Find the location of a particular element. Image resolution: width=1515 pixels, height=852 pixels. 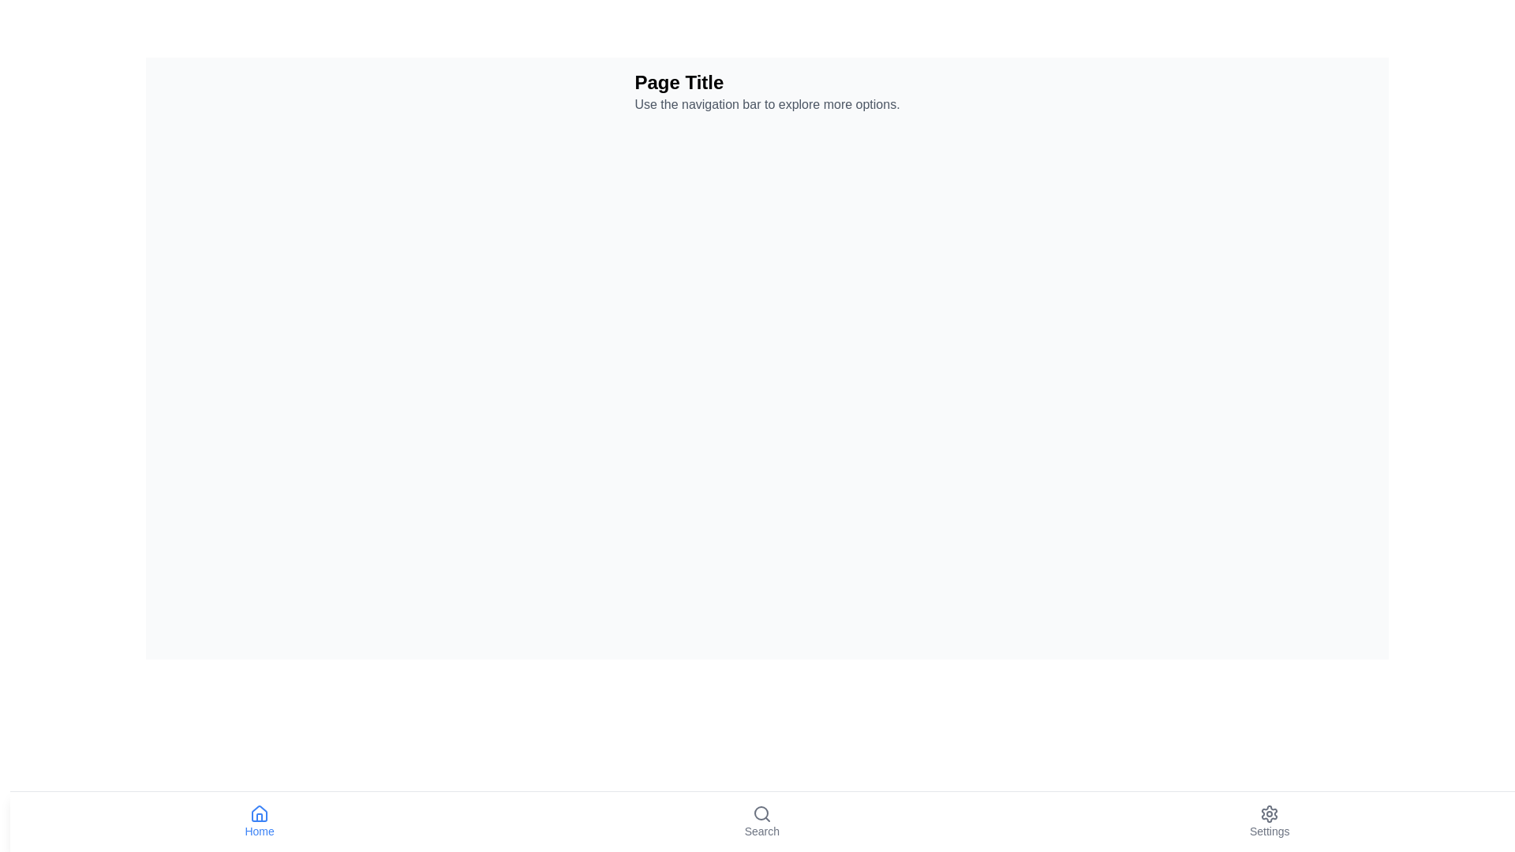

the navigation icon labeled 'Home' in the bottom navigation bar is located at coordinates (260, 820).